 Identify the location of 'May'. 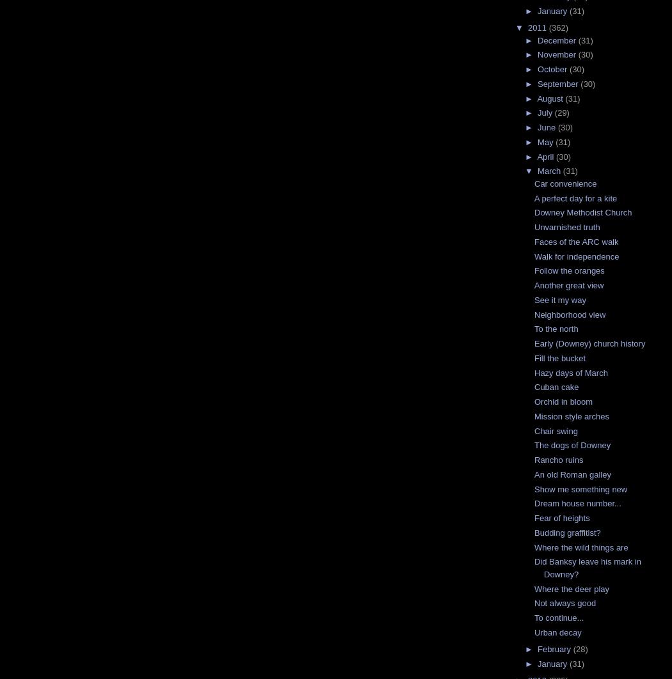
(538, 141).